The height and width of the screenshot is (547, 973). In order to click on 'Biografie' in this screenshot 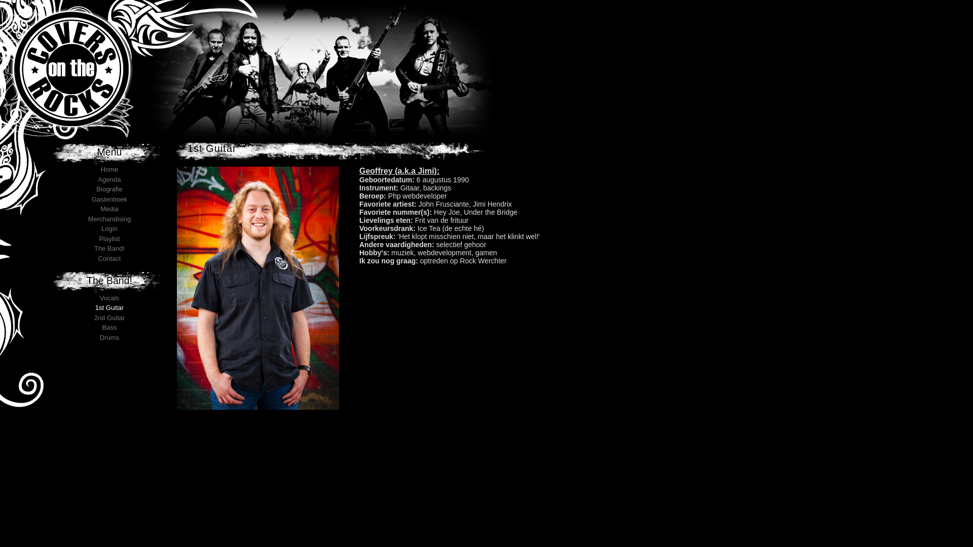, I will do `click(96, 189)`.